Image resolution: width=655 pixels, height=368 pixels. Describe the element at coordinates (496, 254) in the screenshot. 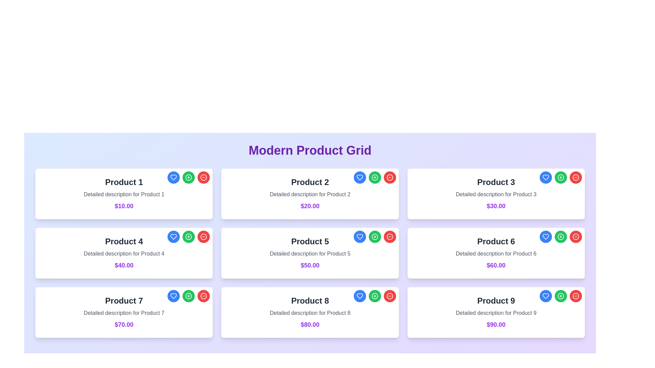

I see `the text label displaying 'Detailed description for Product 6', which is located in the sixth product card of a 3x3 grid layout, positioned directly beneath the title 'Product 6' and above the price '$60.00'` at that location.